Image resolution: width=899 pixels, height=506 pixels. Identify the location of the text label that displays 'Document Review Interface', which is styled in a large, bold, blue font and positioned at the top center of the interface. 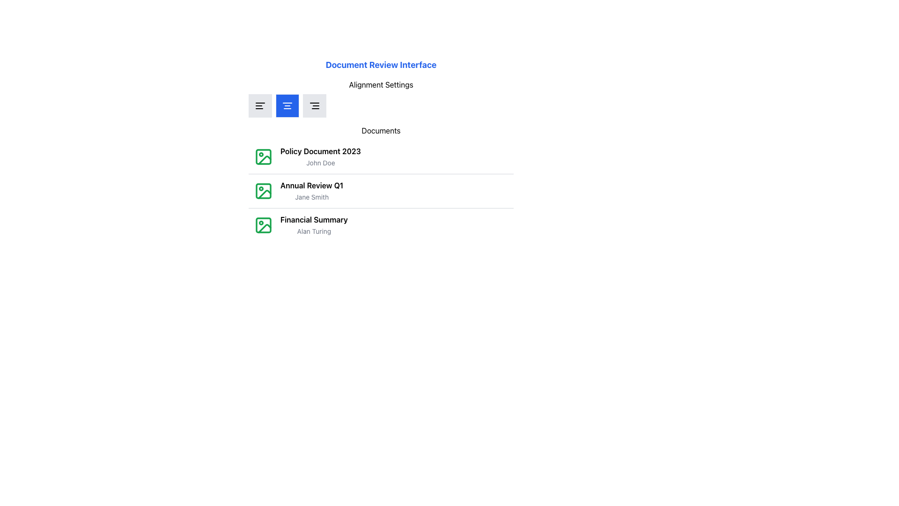
(381, 64).